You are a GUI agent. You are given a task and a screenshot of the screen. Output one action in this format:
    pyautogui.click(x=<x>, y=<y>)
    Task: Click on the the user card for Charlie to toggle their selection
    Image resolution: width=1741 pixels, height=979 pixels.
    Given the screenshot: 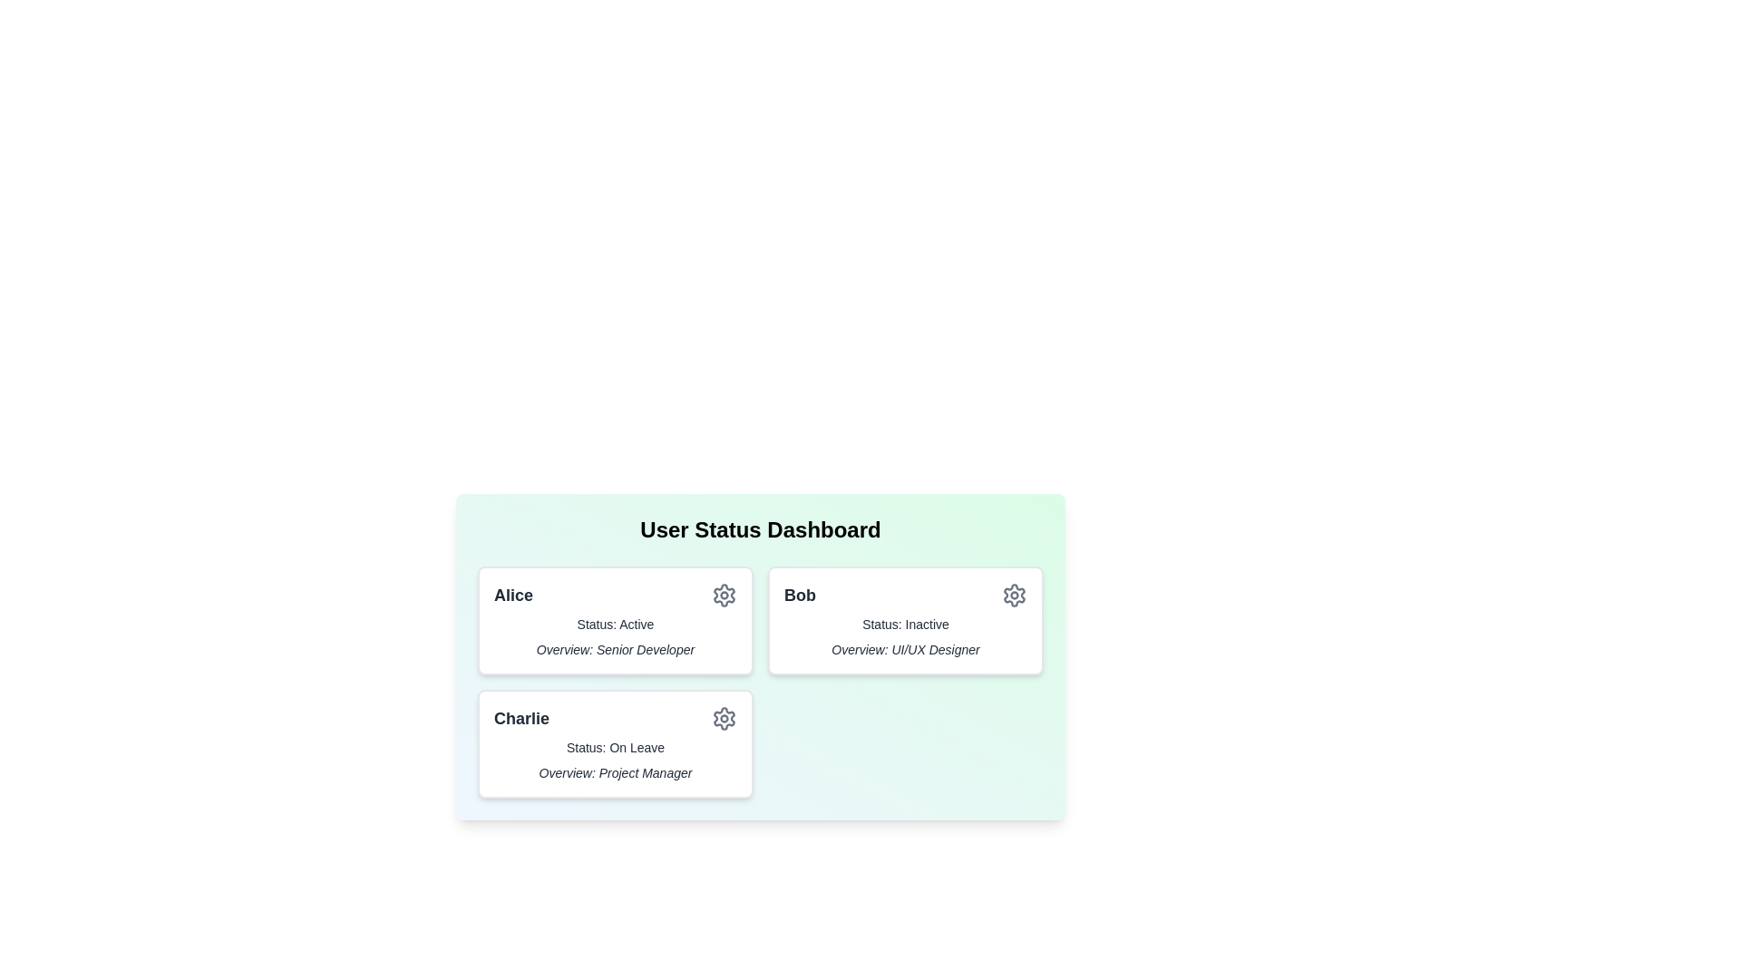 What is the action you would take?
    pyautogui.click(x=615, y=744)
    